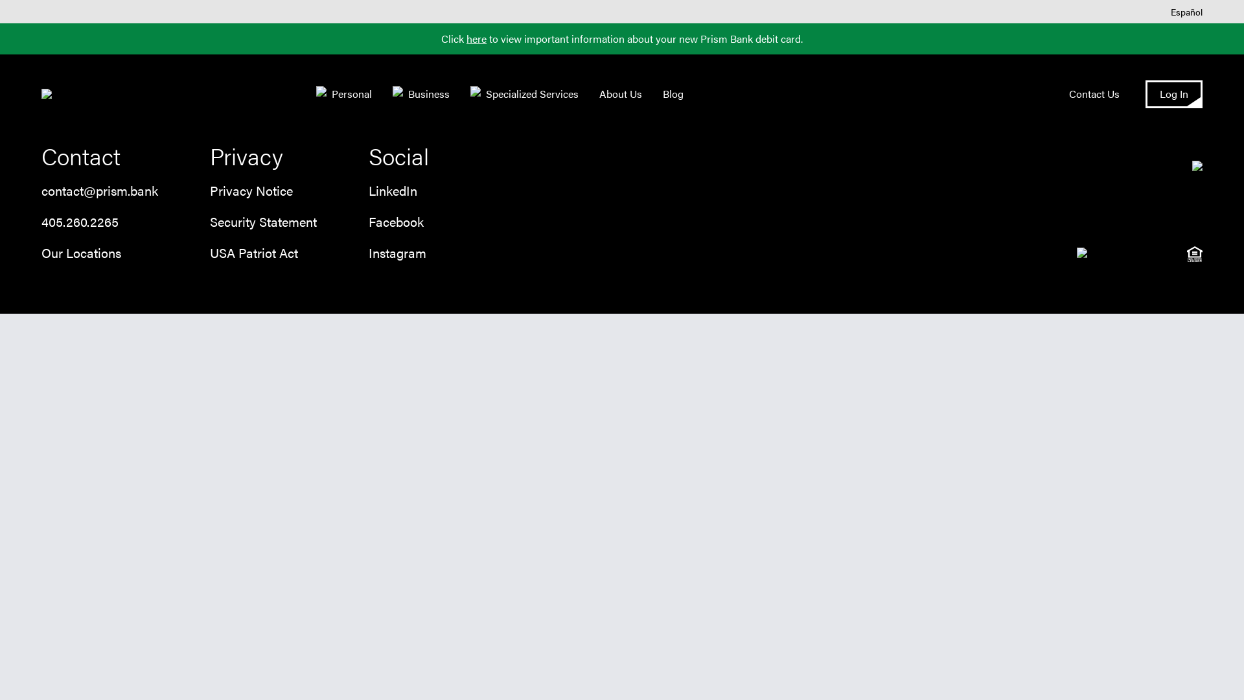  What do you see at coordinates (524, 93) in the screenshot?
I see `'Specialized Services'` at bounding box center [524, 93].